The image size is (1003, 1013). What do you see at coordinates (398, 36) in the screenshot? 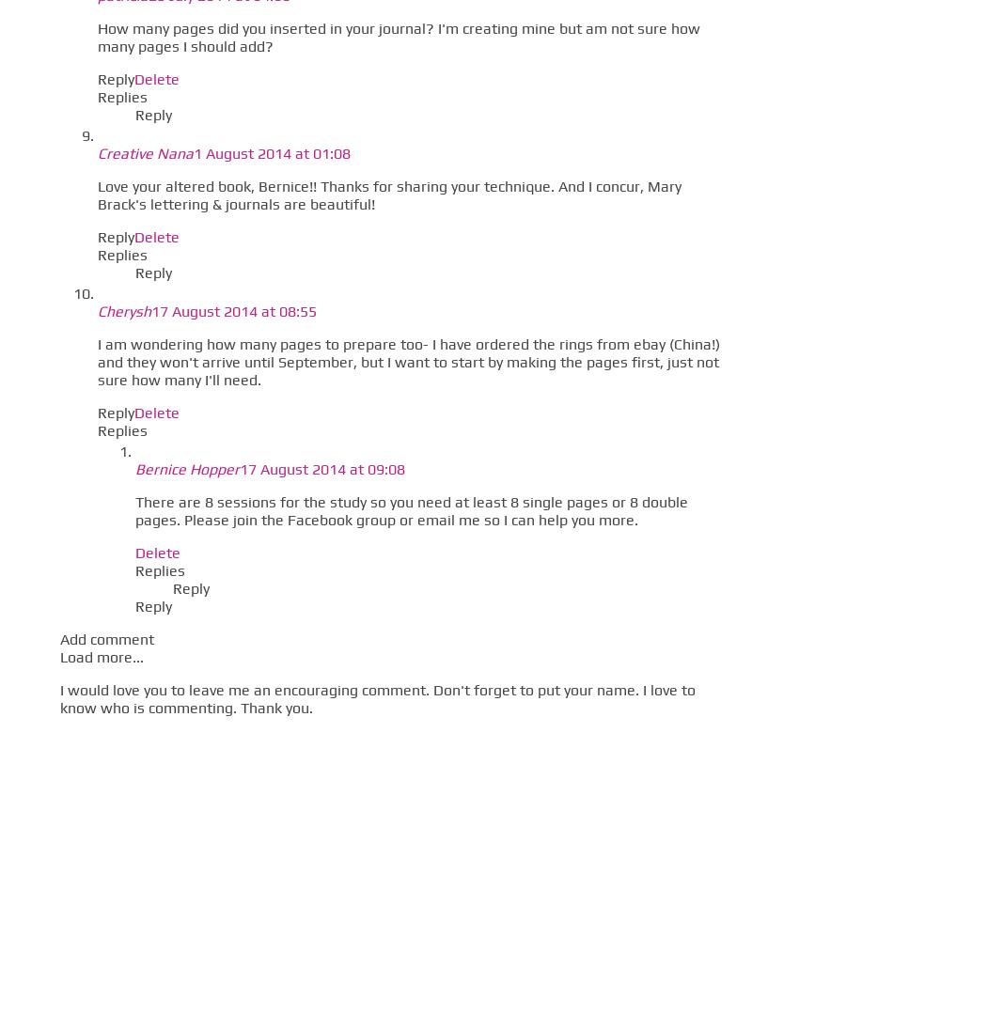
I see `'How many pages did you inserted in your journal? I'm creating mine but am not sure how many pages I should add?'` at bounding box center [398, 36].